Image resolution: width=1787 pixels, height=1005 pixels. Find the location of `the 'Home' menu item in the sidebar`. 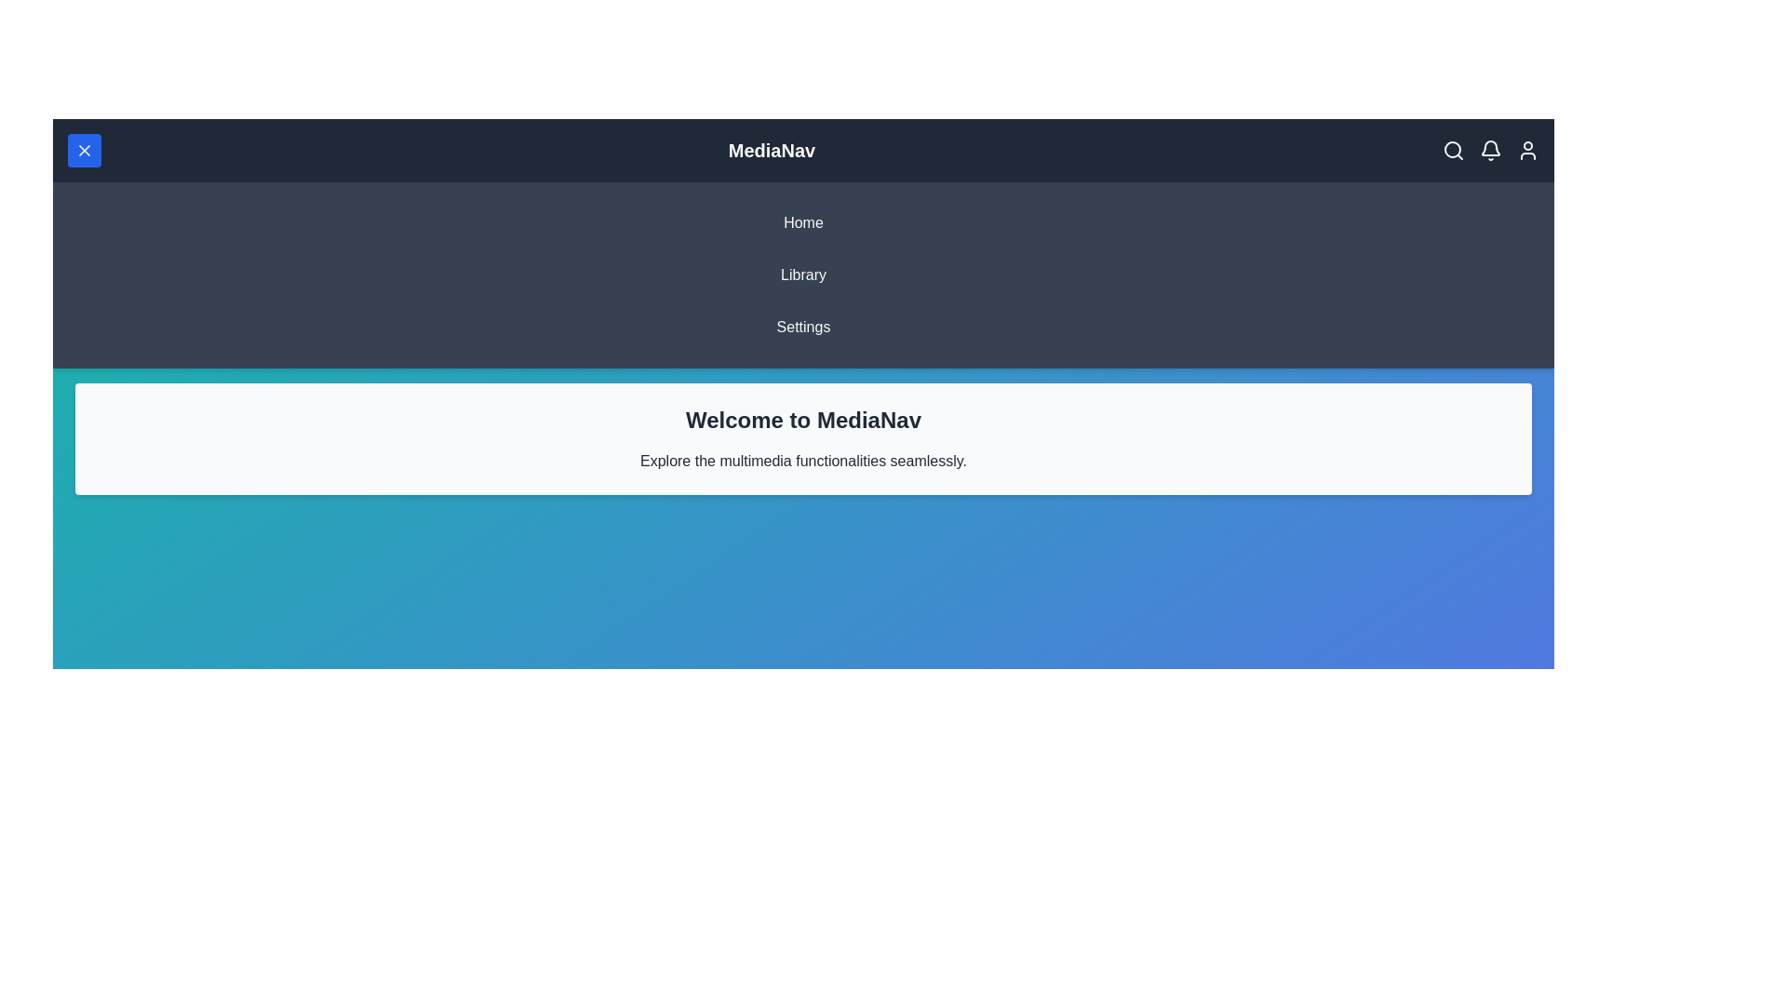

the 'Home' menu item in the sidebar is located at coordinates (803, 221).